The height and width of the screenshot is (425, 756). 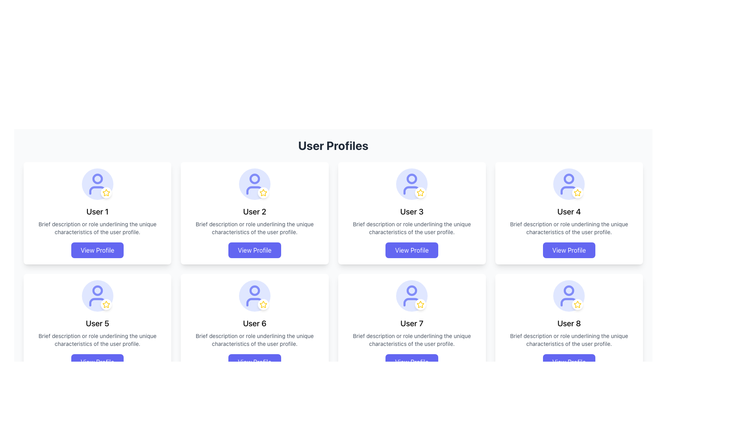 What do you see at coordinates (97, 184) in the screenshot?
I see `the circular indigo-themed user profile icon displaying a user figure and a yellow star, which is the first visual component for 'User 1' in the top-left position of the grid layout` at bounding box center [97, 184].